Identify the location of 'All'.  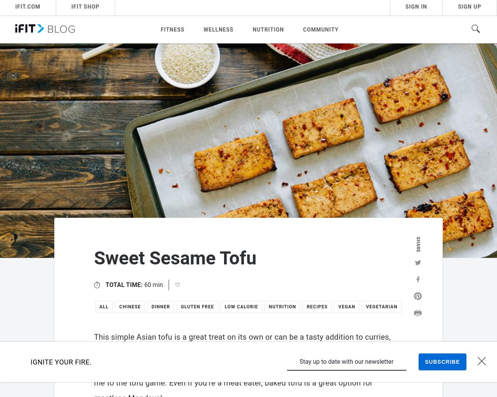
(103, 306).